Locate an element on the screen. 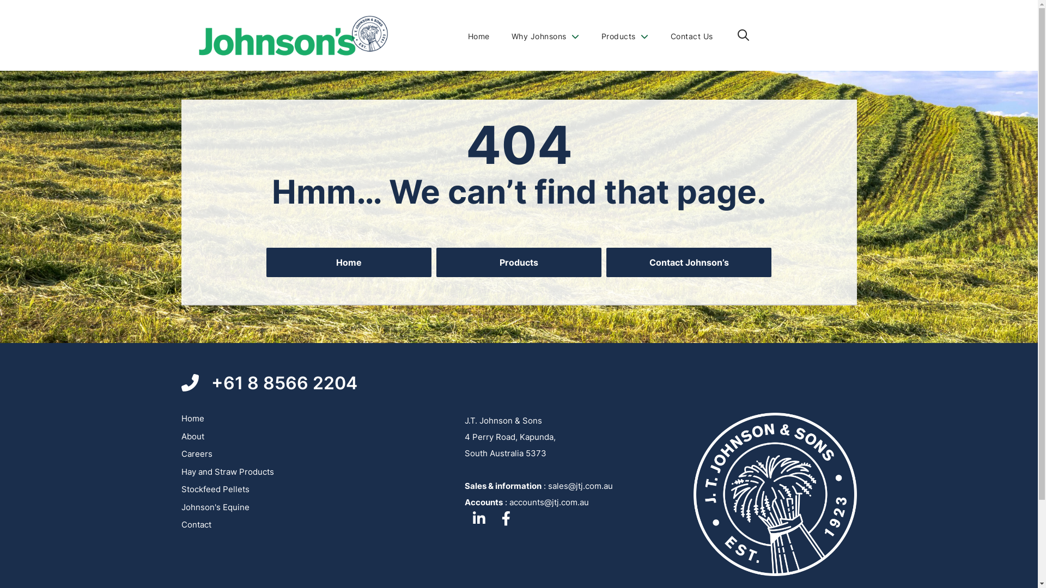  'About' is located at coordinates (192, 436).